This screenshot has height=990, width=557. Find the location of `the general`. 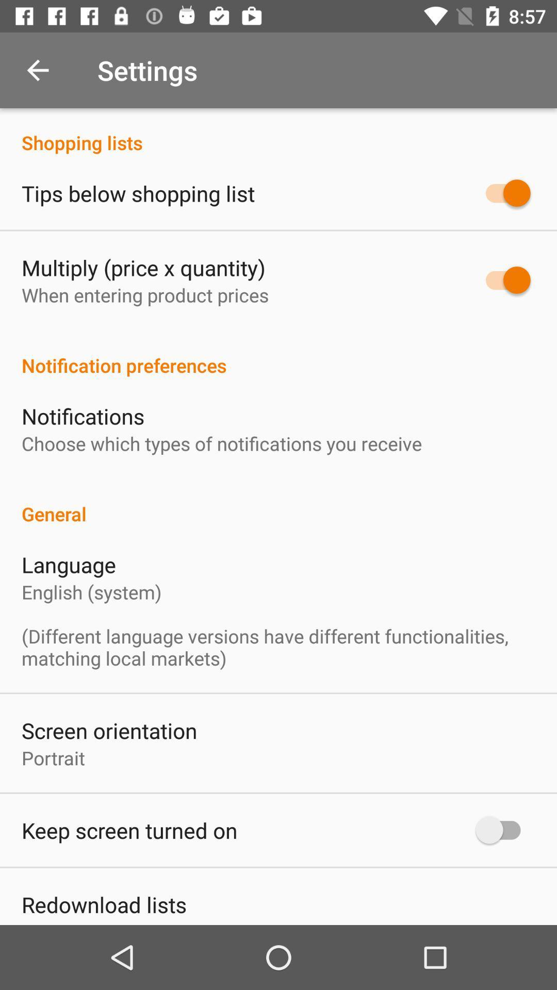

the general is located at coordinates (278, 503).